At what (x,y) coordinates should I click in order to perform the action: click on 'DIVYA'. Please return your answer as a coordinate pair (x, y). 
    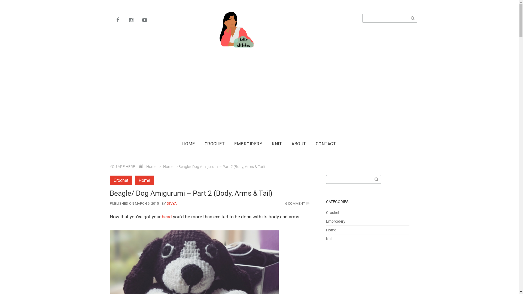
    Looking at the image, I should click on (171, 203).